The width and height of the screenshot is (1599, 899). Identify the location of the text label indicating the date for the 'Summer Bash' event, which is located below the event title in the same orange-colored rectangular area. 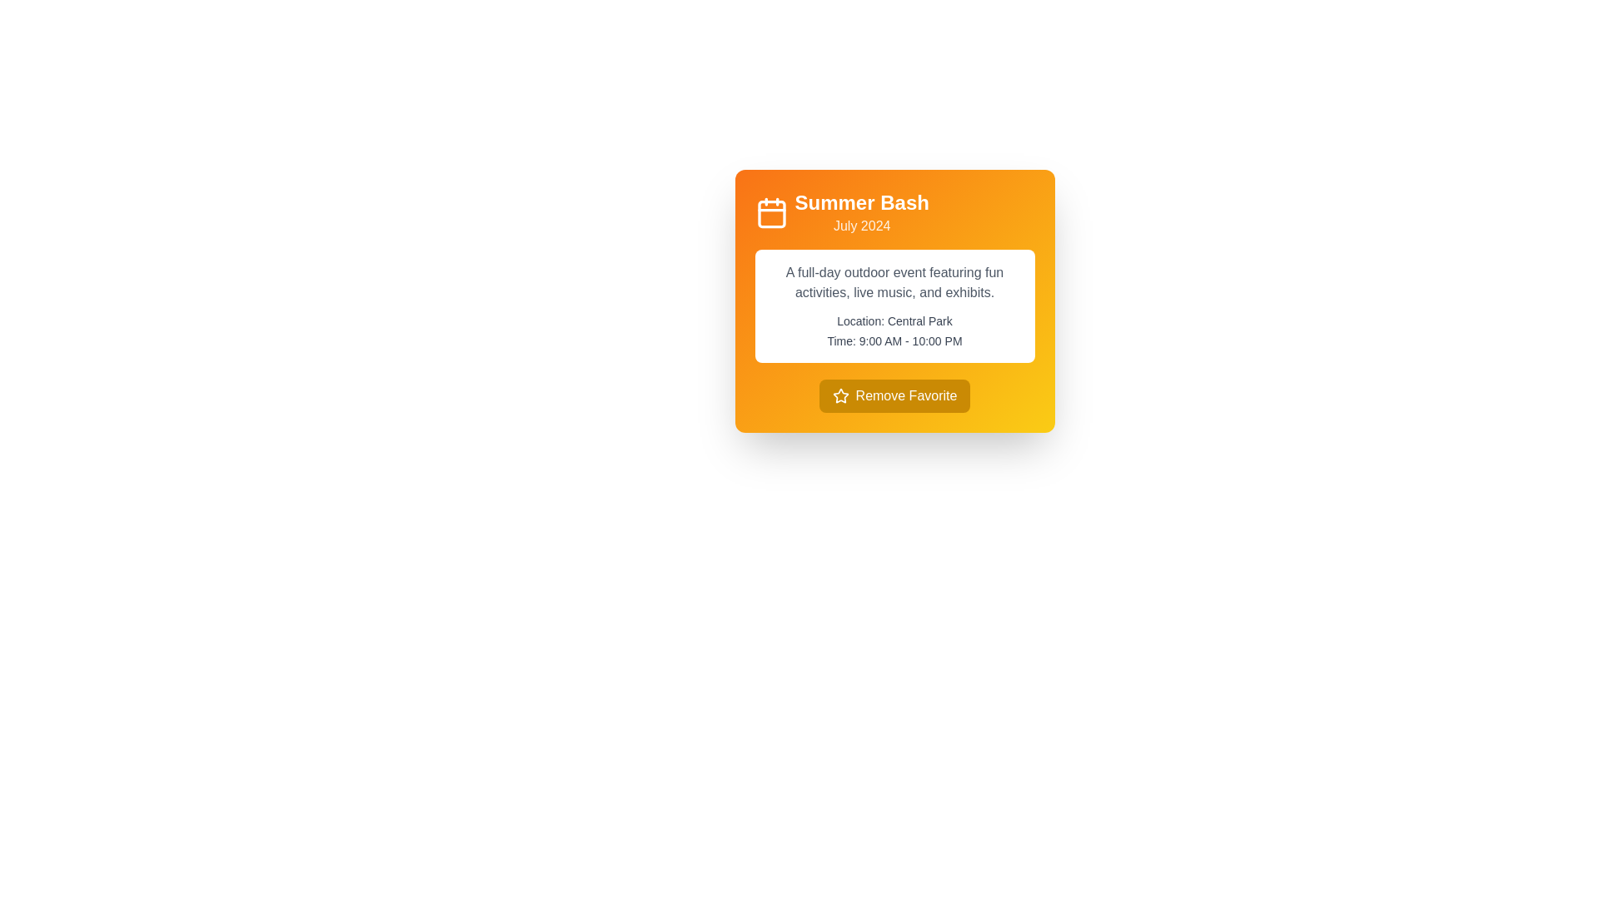
(862, 226).